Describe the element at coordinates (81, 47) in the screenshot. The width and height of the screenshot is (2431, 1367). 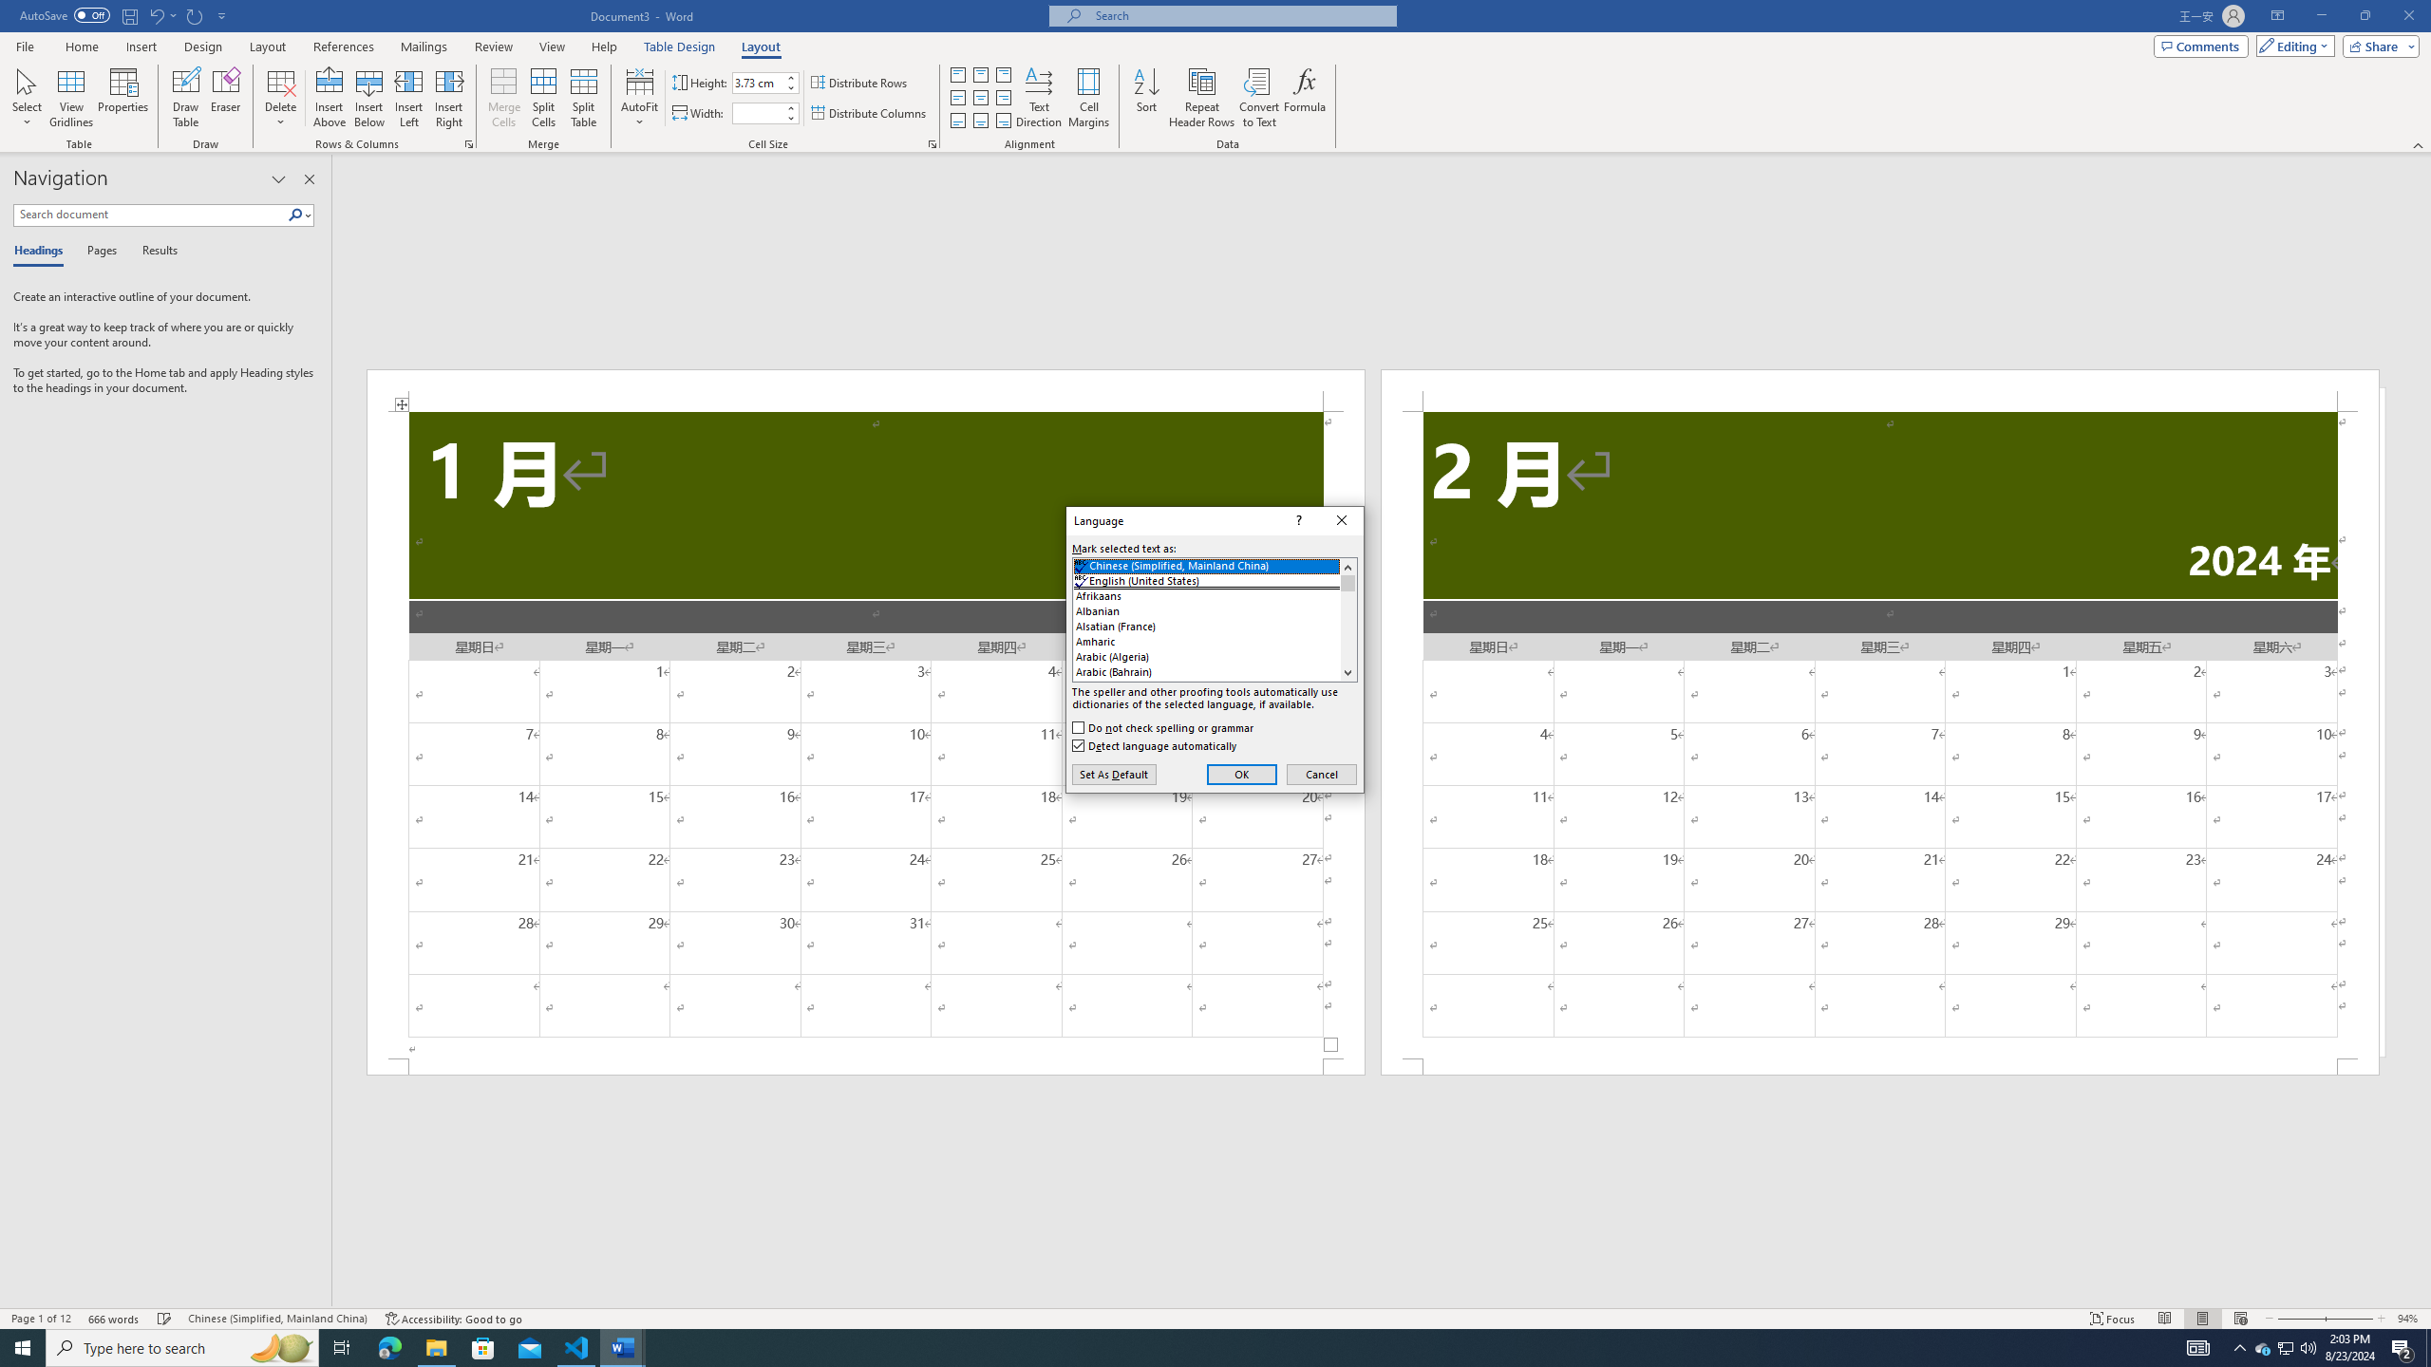
I see `'Home'` at that location.